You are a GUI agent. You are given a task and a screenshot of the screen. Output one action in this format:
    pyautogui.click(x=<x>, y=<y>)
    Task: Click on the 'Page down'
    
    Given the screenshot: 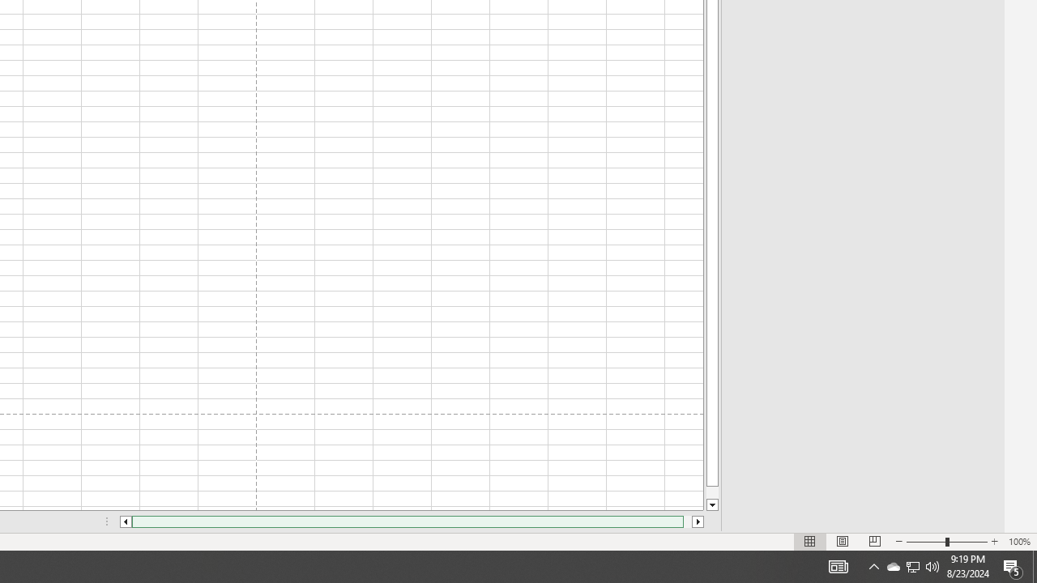 What is the action you would take?
    pyautogui.click(x=712, y=492)
    